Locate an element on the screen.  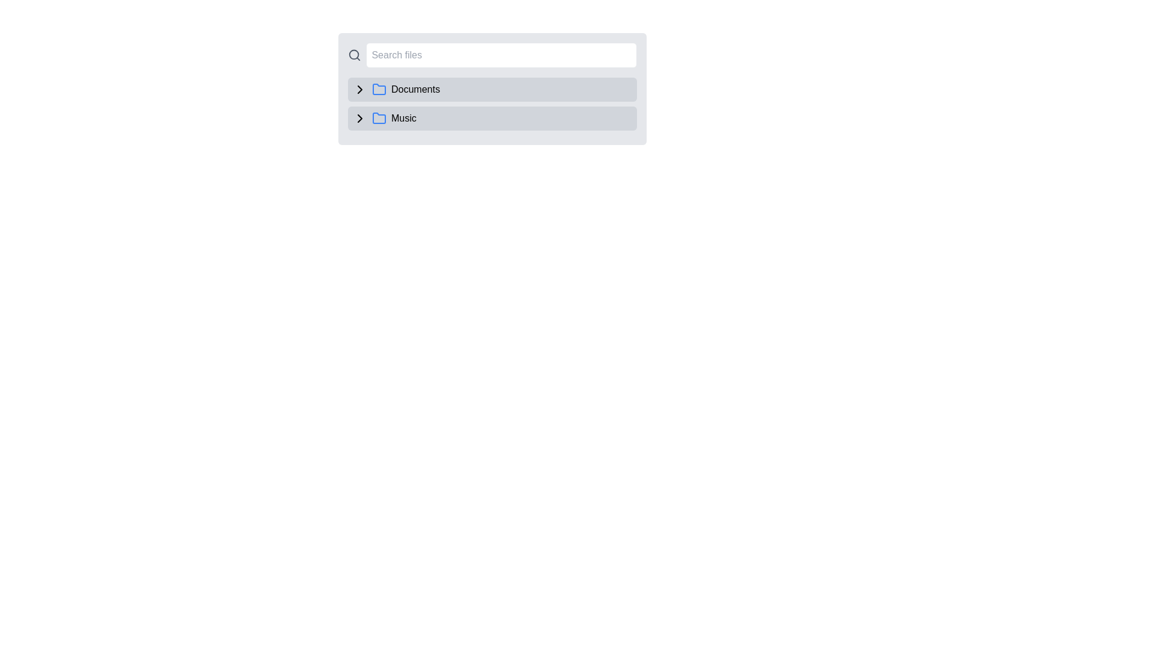
the 'Documents' button located at the top of the vertical list of items is located at coordinates (492, 89).